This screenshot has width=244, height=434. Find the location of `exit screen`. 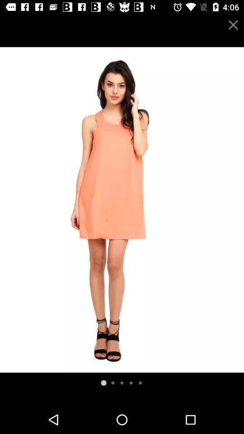

exit screen is located at coordinates (233, 24).